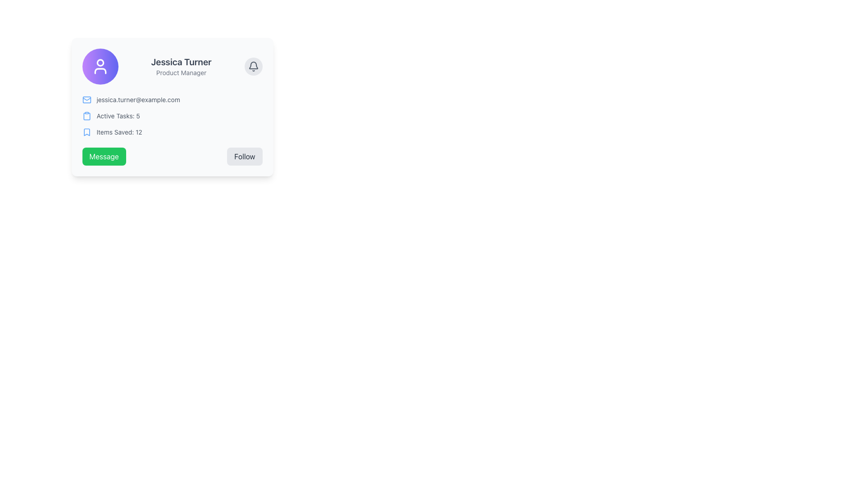 This screenshot has width=865, height=486. Describe the element at coordinates (86, 100) in the screenshot. I see `the small blue mail icon located to the left of the email address 'jessica.turner@example.com' in the user profile card` at that location.